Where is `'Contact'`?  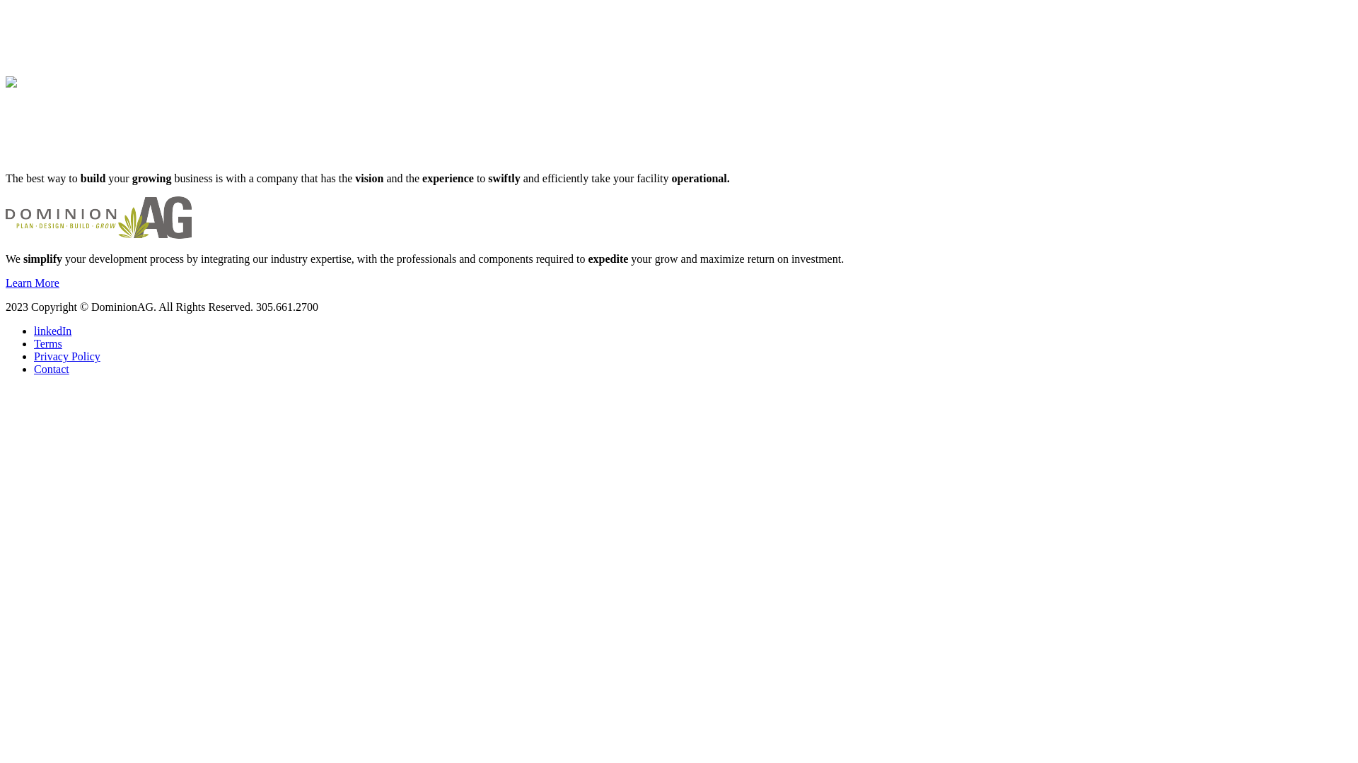
'Contact' is located at coordinates (51, 368).